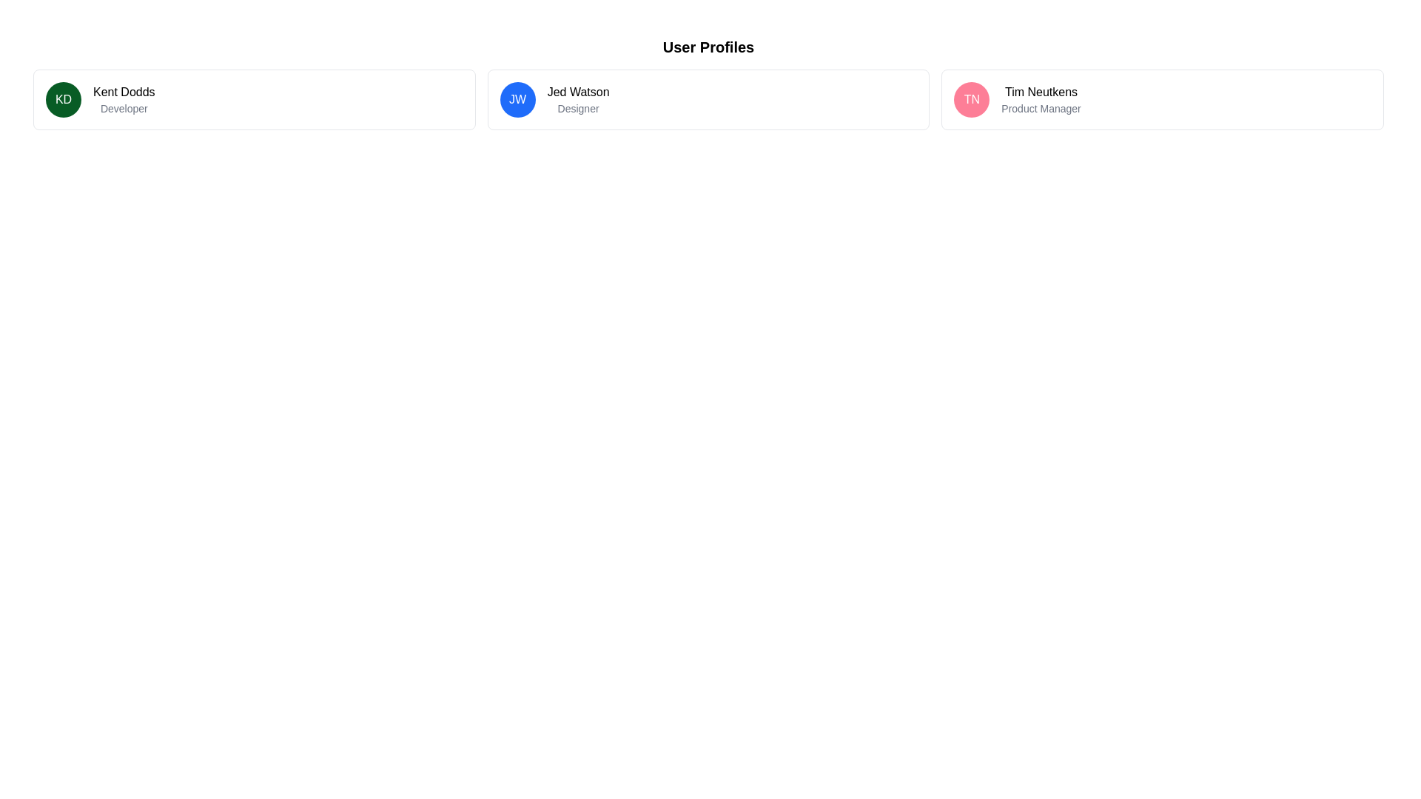 The width and height of the screenshot is (1421, 799). What do you see at coordinates (708, 100) in the screenshot?
I see `a user profile card within the grid layout located below the 'User Profiles' title` at bounding box center [708, 100].